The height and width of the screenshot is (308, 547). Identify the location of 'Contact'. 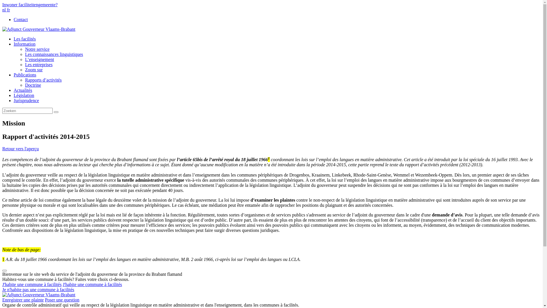
(21, 19).